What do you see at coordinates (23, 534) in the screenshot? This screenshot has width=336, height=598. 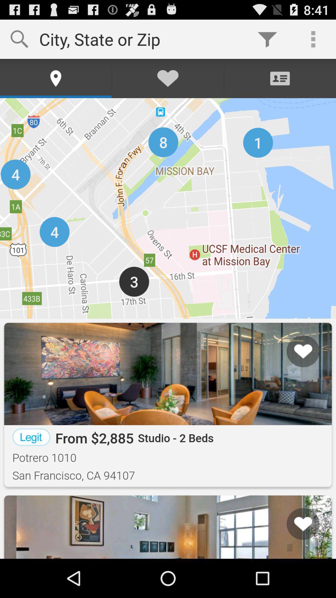 I see `button to the left of the list button` at bounding box center [23, 534].